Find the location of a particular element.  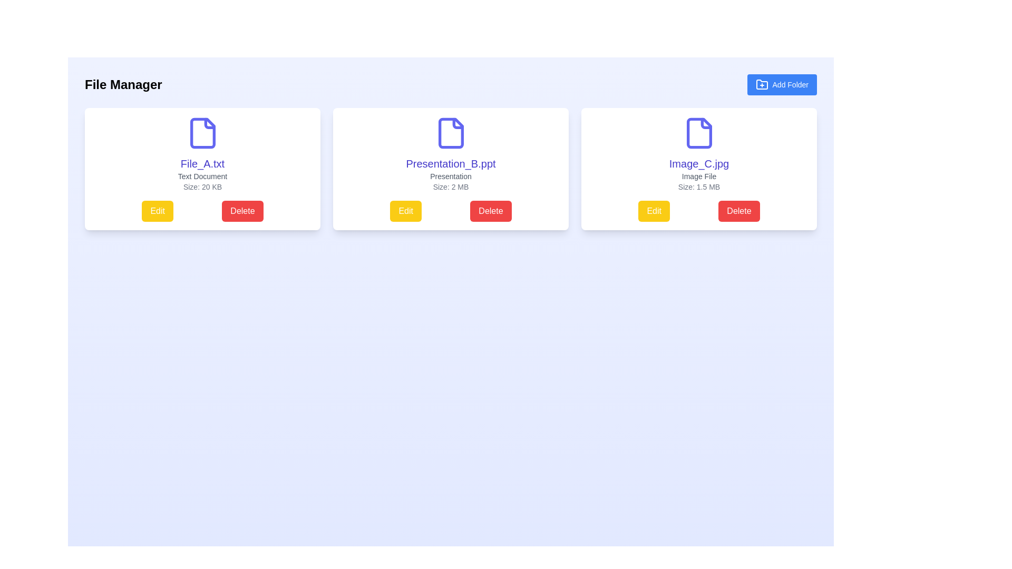

the text label displaying the file size 'Size: 1.5 MB' located at the bottom of the third card, positioned below 'Image File' and above the buttons 'Edit' and 'Delete' is located at coordinates (699, 186).